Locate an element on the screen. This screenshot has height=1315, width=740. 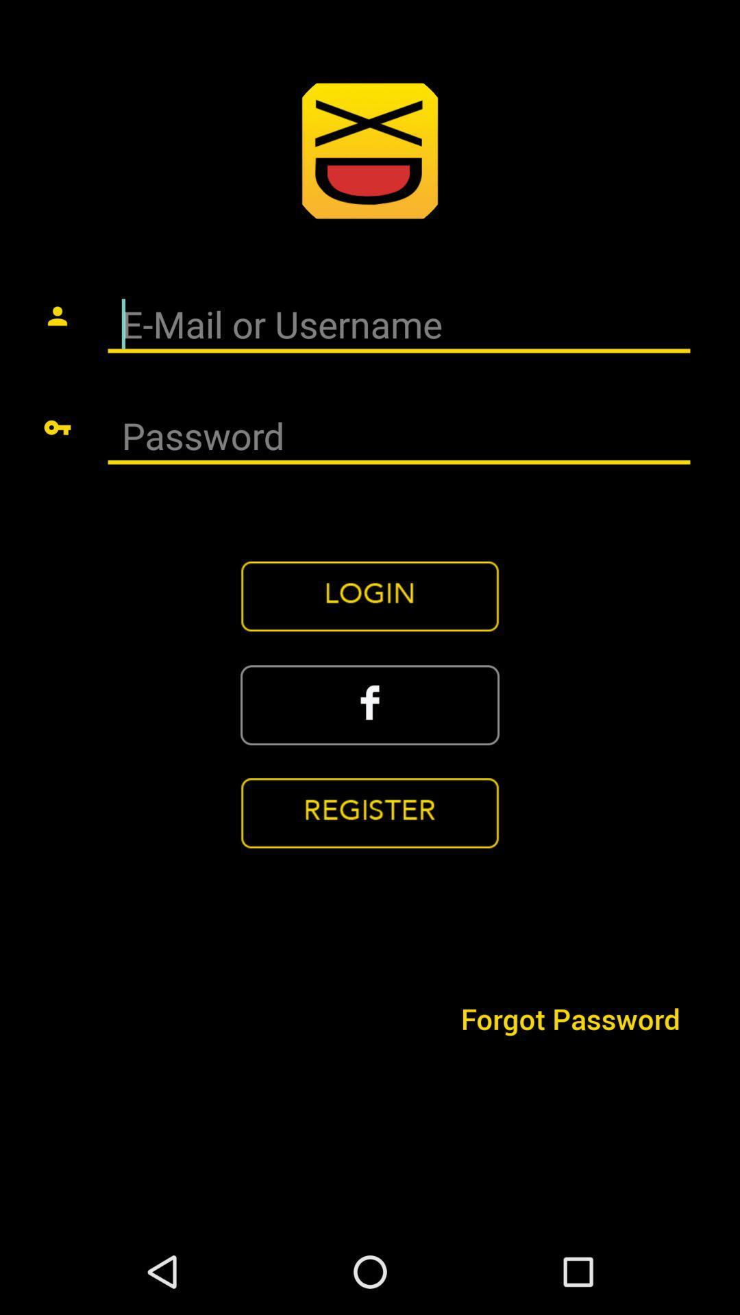
password info is located at coordinates (399, 436).